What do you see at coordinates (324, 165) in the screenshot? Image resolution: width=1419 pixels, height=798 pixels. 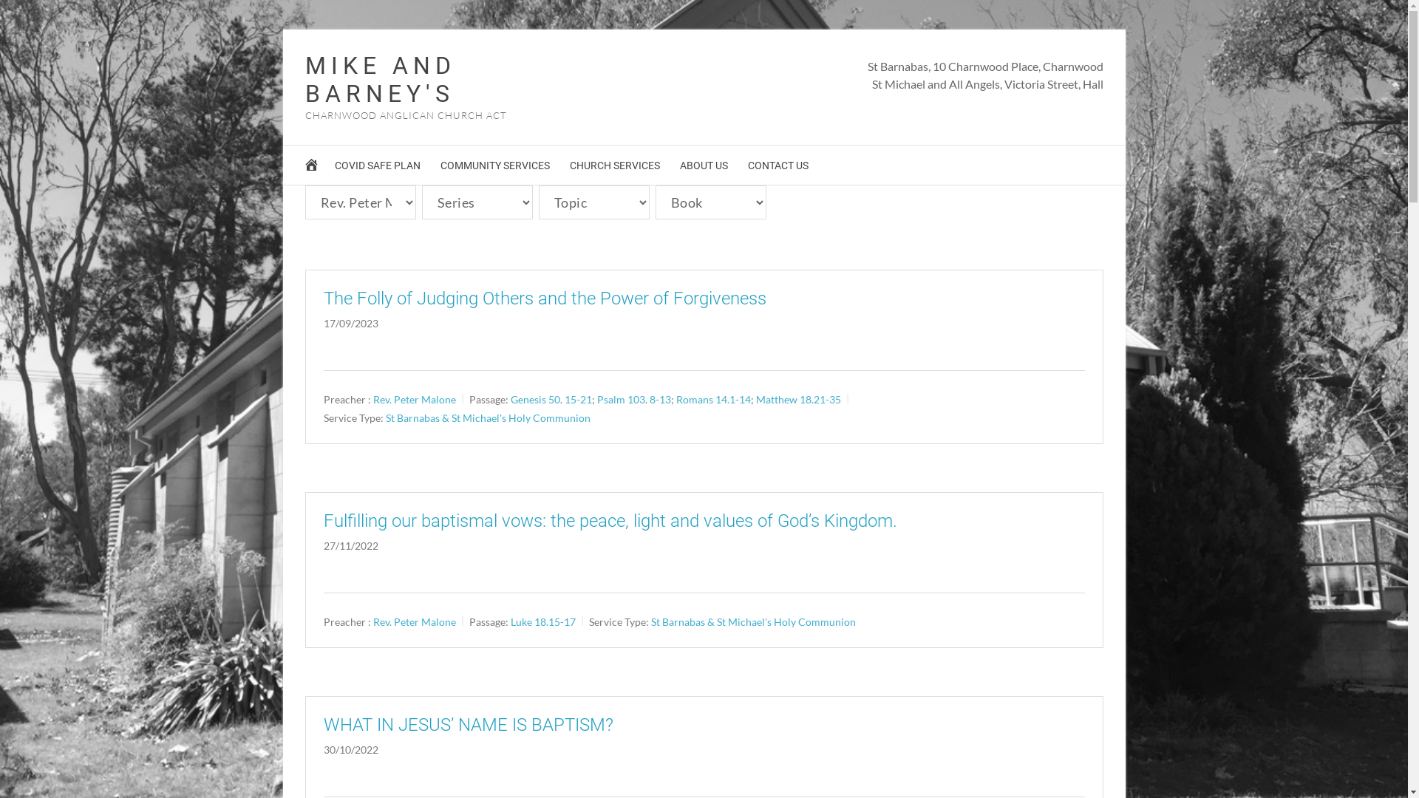 I see `'COVID SAFE PLAN'` at bounding box center [324, 165].